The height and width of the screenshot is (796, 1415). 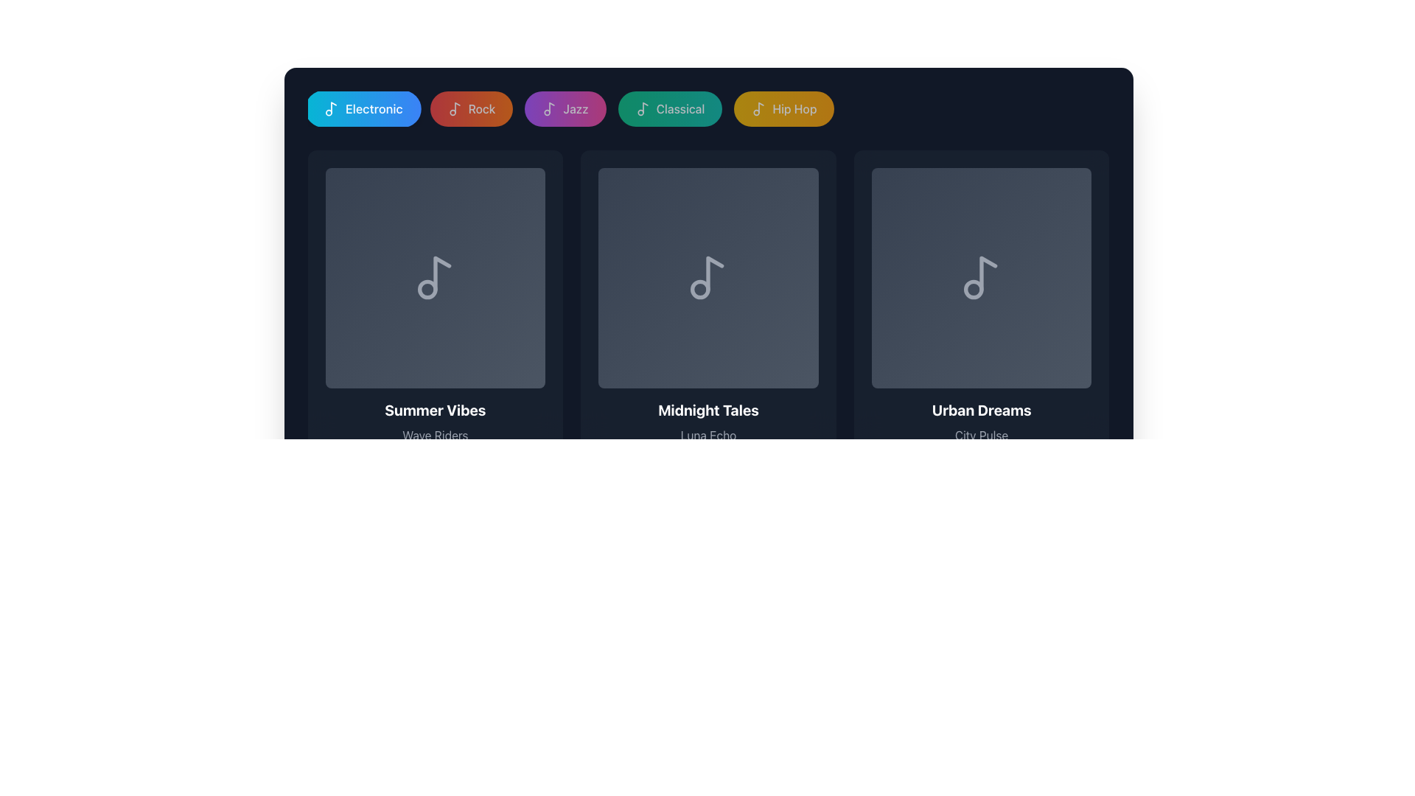 What do you see at coordinates (434, 434) in the screenshot?
I see `the text label reading 'Wave Riders', which is styled in light gray against a dark background and positioned below 'Summer Vibes' and above '45:30 12 tracks'` at bounding box center [434, 434].